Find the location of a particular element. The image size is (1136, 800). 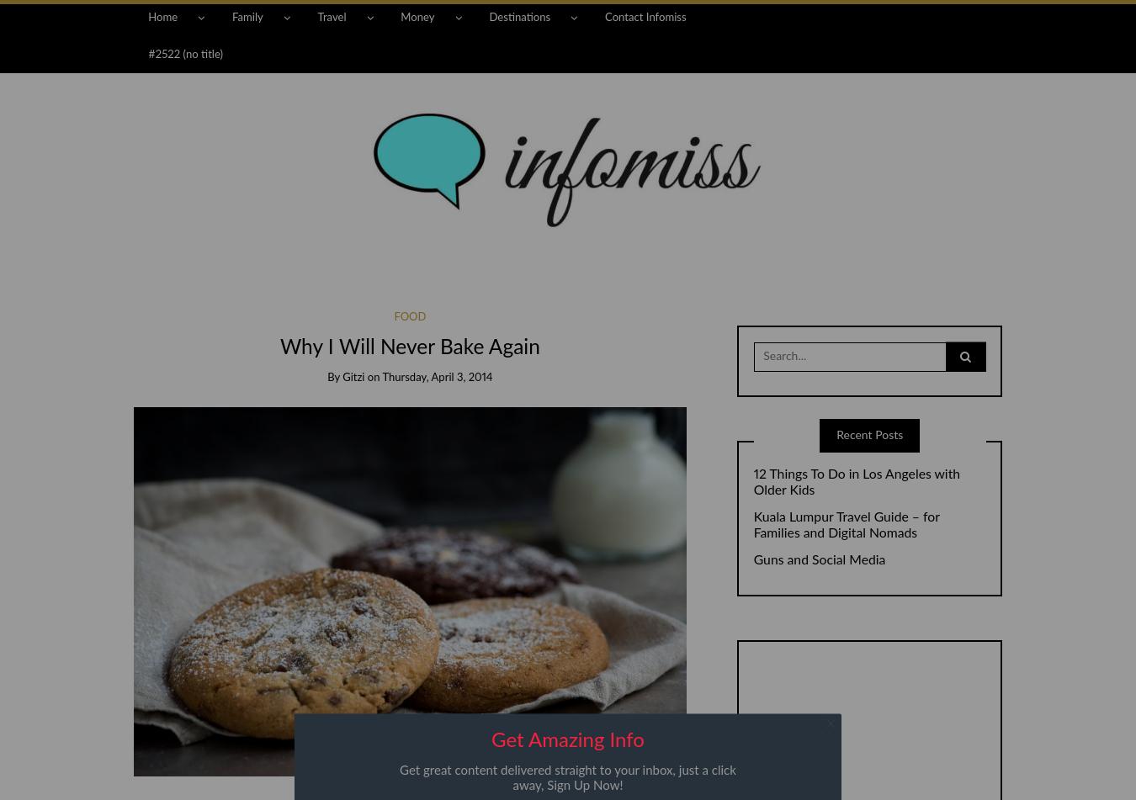

'12 Things To Do in Los Angeles with Older Kids' is located at coordinates (753, 481).